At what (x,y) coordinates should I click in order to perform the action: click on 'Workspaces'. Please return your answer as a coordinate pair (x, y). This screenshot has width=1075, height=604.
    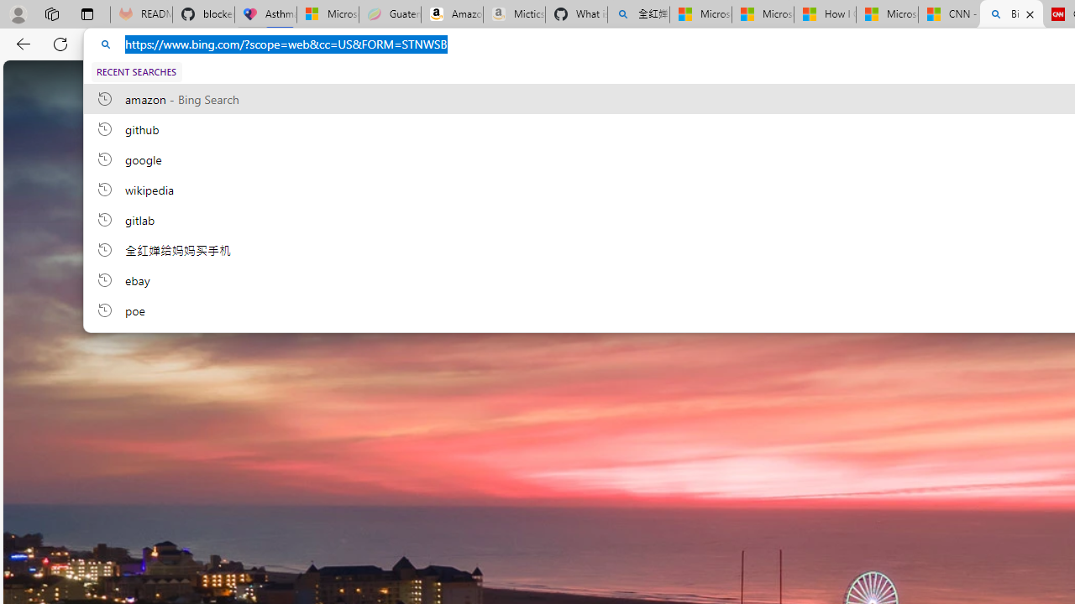
    Looking at the image, I should click on (51, 13).